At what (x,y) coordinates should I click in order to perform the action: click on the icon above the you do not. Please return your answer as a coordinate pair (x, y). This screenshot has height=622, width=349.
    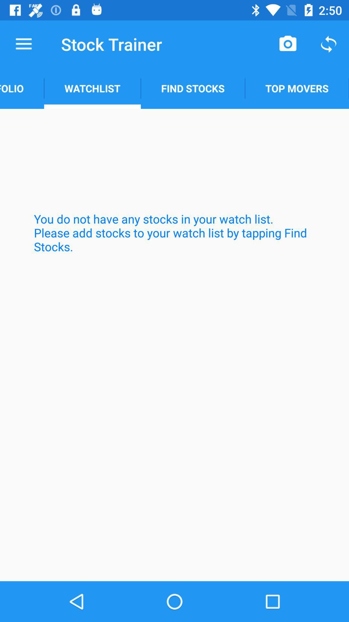
    Looking at the image, I should click on (22, 88).